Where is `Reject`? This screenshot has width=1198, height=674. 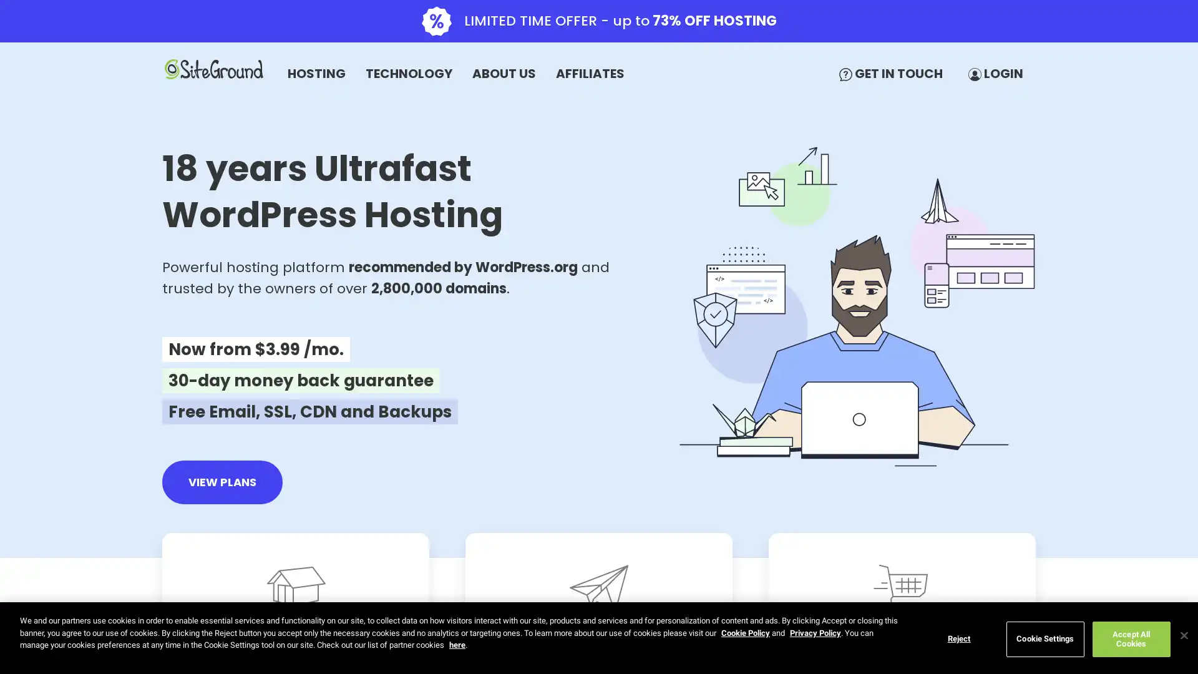 Reject is located at coordinates (958, 638).